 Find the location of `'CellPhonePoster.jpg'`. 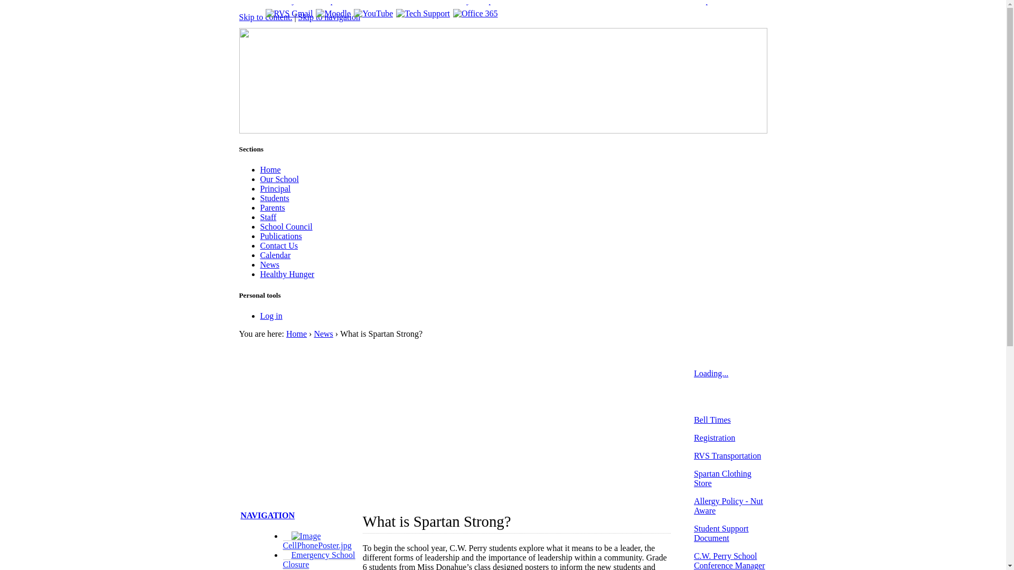

'CellPhonePoster.jpg' is located at coordinates (283, 541).